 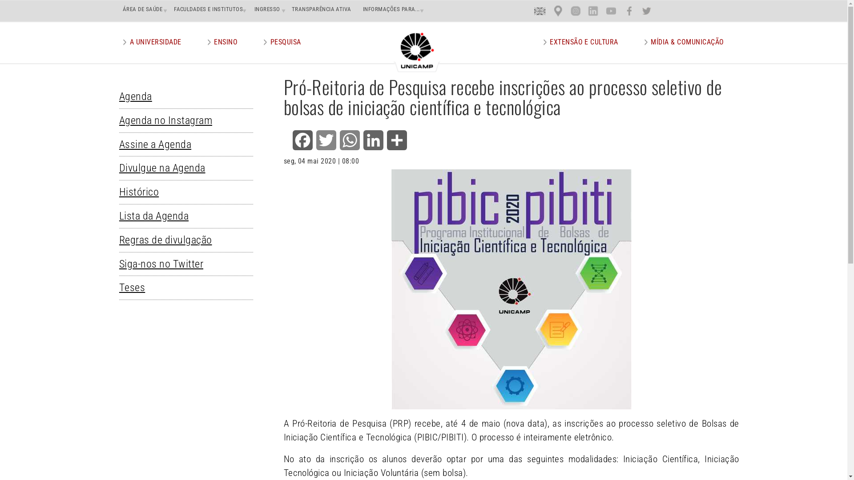 What do you see at coordinates (576, 11) in the screenshot?
I see `'Inst'` at bounding box center [576, 11].